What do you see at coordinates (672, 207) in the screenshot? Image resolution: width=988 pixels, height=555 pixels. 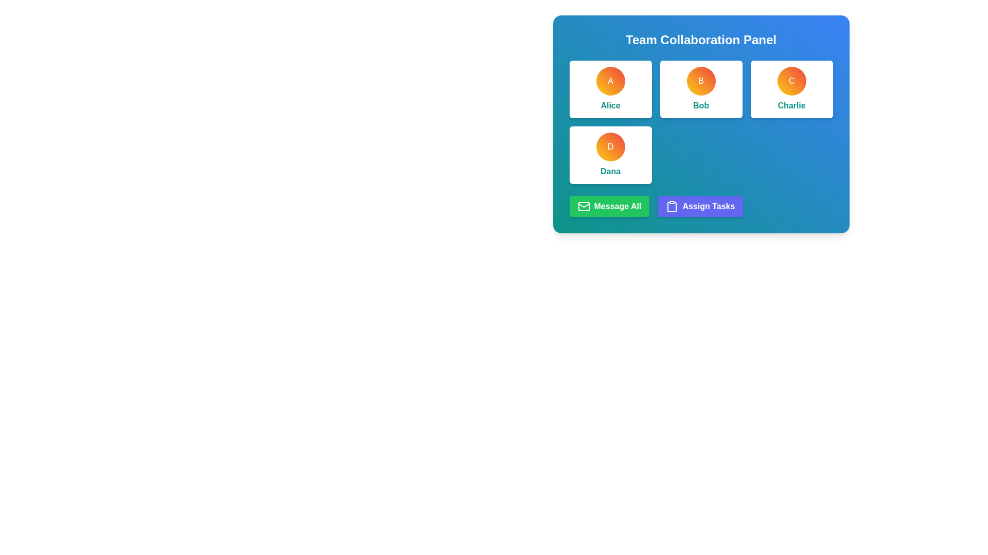 I see `the clipboard icon, which is a minimalistic vector graphic with a rectangular body and a clip at the top, positioned to the right of the 'Message All' button` at bounding box center [672, 207].